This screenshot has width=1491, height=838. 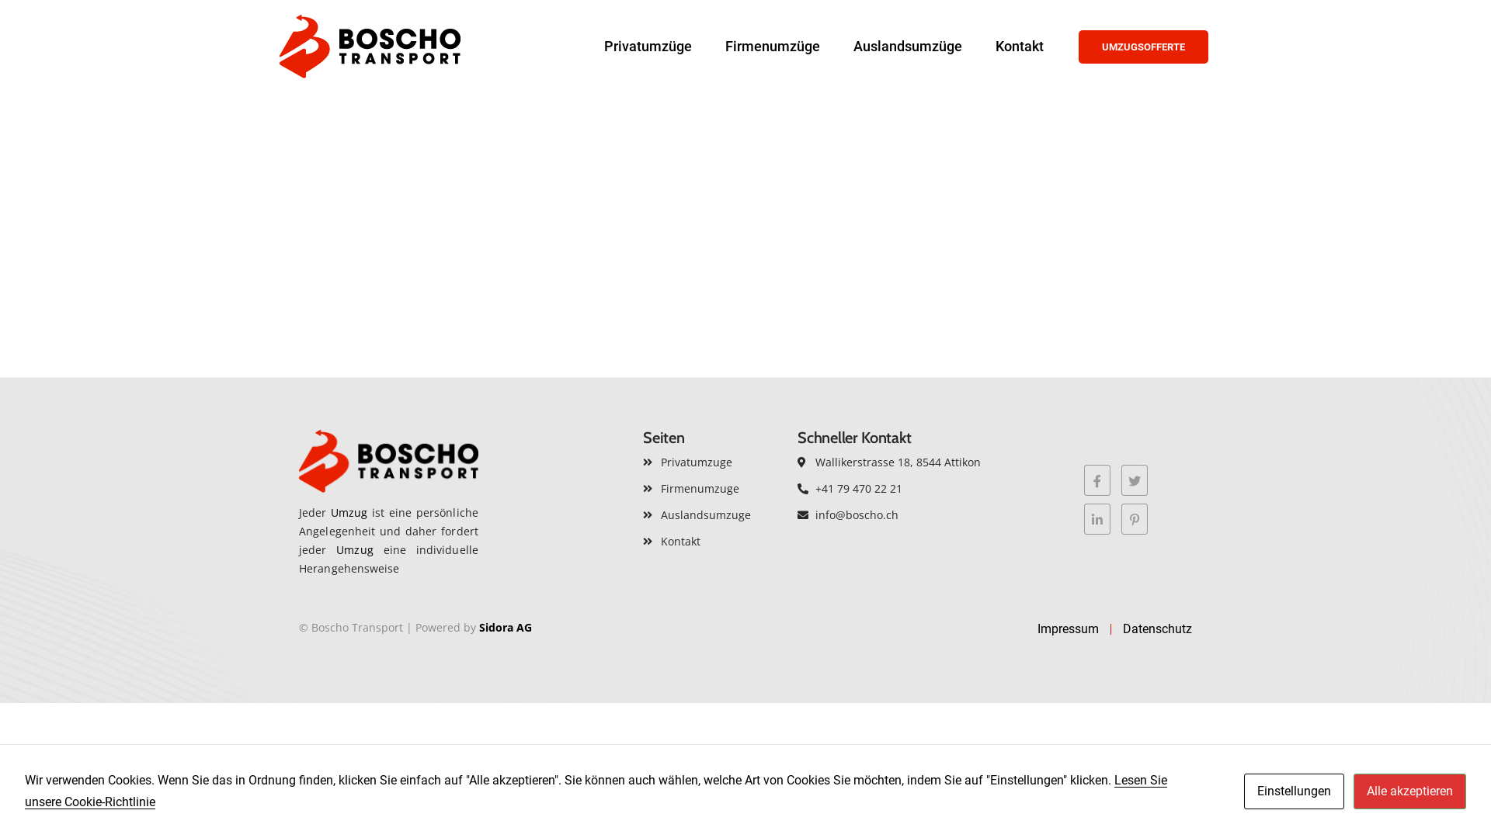 I want to click on 'drejt-logo-full-color-rgb-415px@72ppi - Boscho Transport', so click(x=388, y=460).